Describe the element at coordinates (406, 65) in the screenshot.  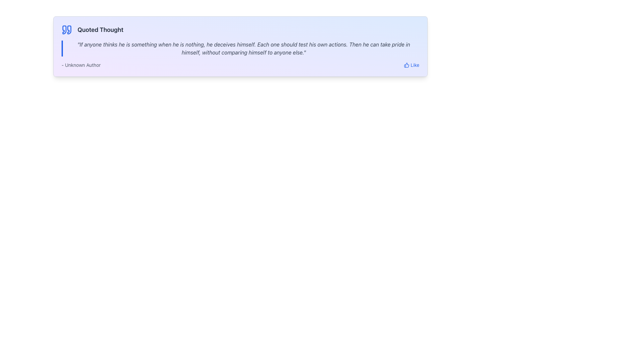
I see `the 'like' SVG icon located in the lower-right region of the interface, immediately to the left of the blue 'Like' text label, to indicate a 'Like' action` at that location.